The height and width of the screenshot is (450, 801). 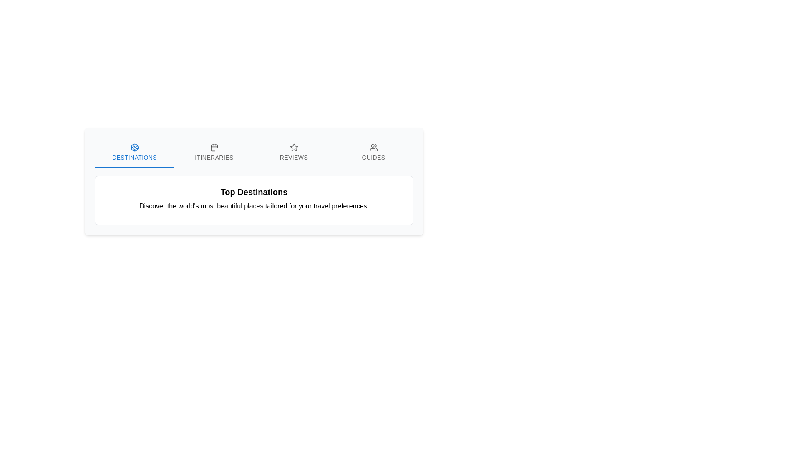 What do you see at coordinates (134, 152) in the screenshot?
I see `the 'Destinations' tab button, which features a blue globe icon and uppercase text` at bounding box center [134, 152].